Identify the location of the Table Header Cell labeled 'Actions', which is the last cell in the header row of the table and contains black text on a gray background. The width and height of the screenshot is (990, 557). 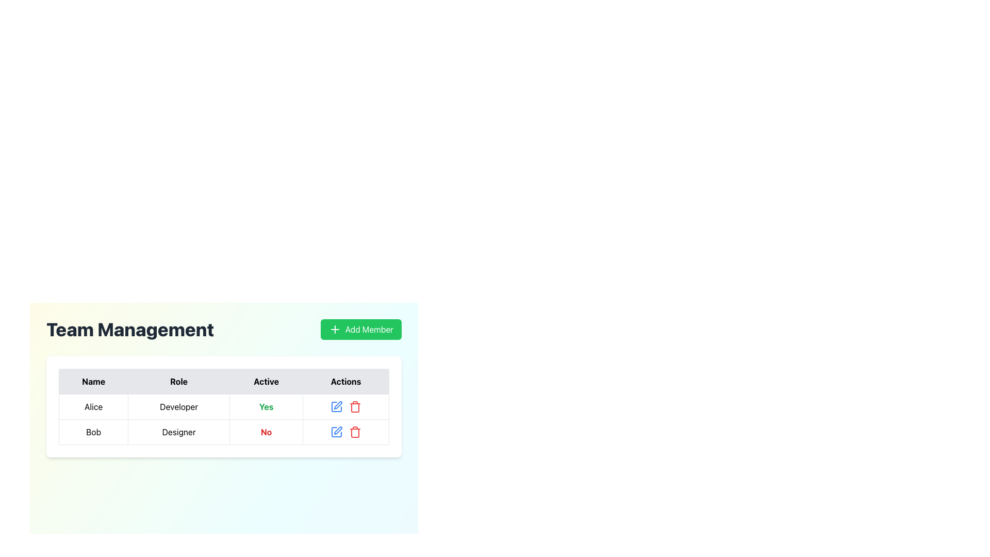
(346, 382).